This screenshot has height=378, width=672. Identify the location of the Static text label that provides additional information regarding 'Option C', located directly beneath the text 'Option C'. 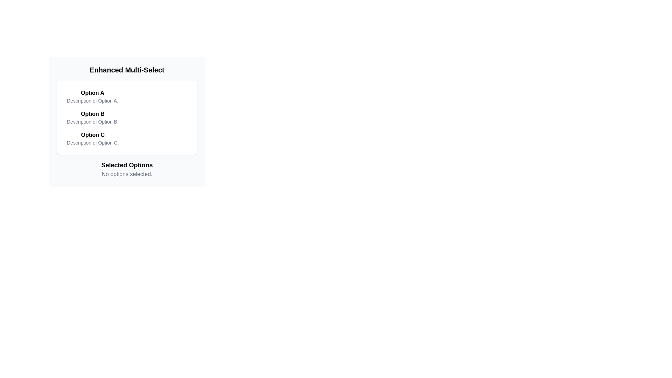
(92, 142).